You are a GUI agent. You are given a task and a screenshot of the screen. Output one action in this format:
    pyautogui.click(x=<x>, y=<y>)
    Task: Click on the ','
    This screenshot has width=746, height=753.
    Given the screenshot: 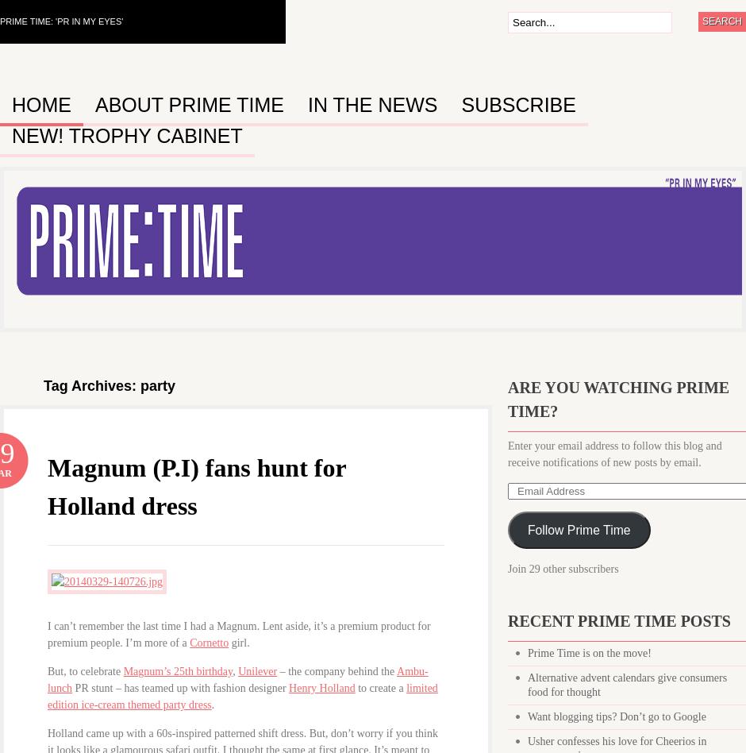 What is the action you would take?
    pyautogui.click(x=234, y=670)
    